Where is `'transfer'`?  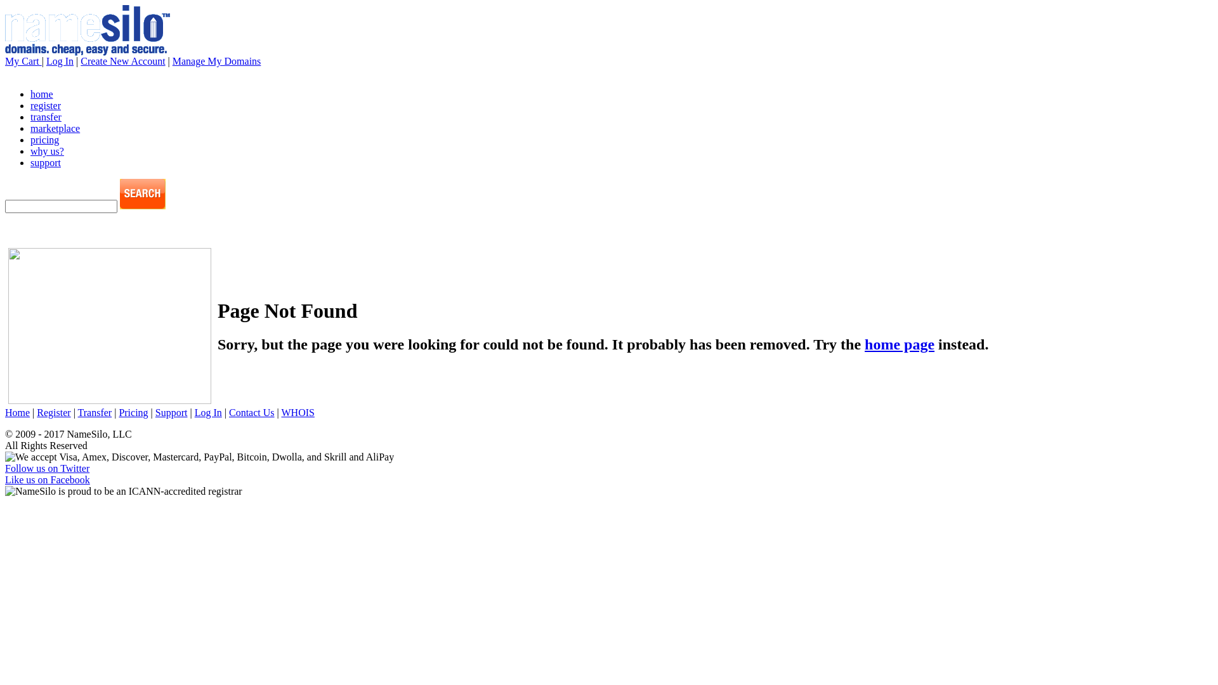
'transfer' is located at coordinates (46, 117).